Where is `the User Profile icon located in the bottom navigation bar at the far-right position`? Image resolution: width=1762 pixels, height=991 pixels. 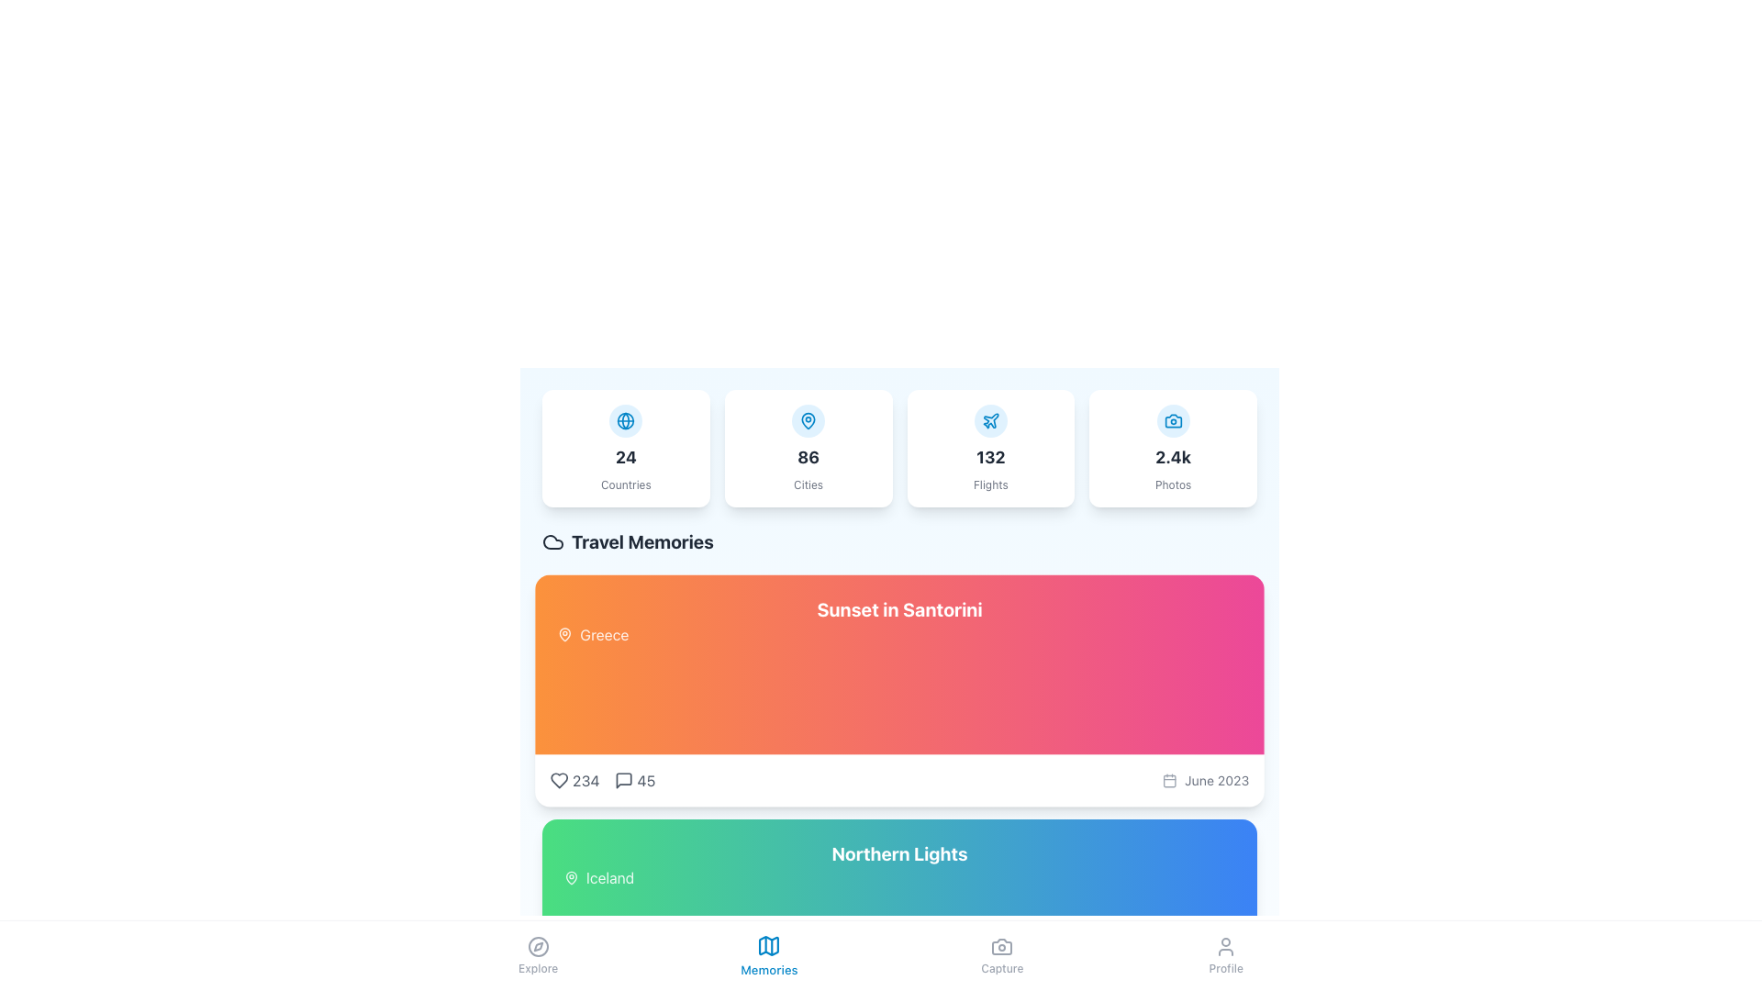 the User Profile icon located in the bottom navigation bar at the far-right position is located at coordinates (1226, 947).